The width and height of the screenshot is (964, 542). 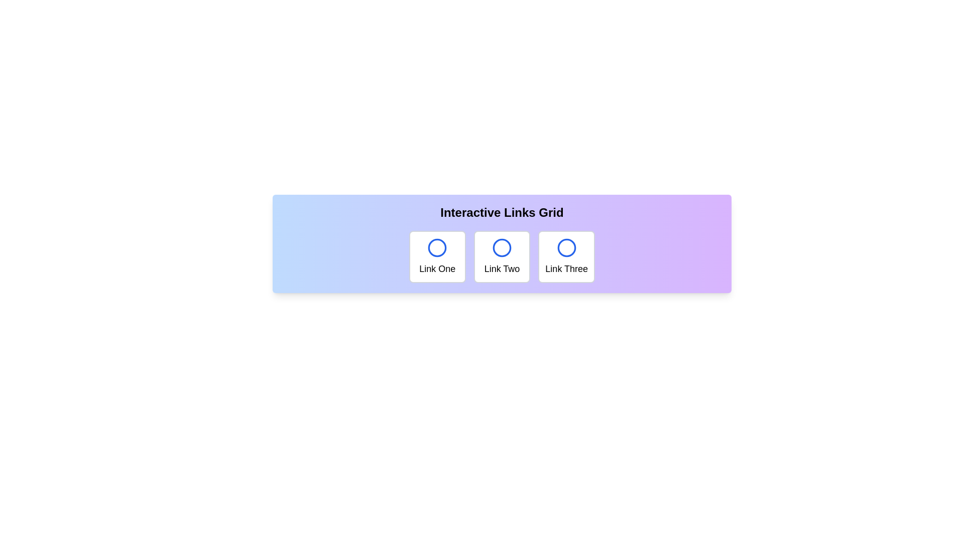 What do you see at coordinates (502, 247) in the screenshot?
I see `the circular decorative icon associated with the button labeled 'Link Two', which is centrally located in a row of three buttons` at bounding box center [502, 247].